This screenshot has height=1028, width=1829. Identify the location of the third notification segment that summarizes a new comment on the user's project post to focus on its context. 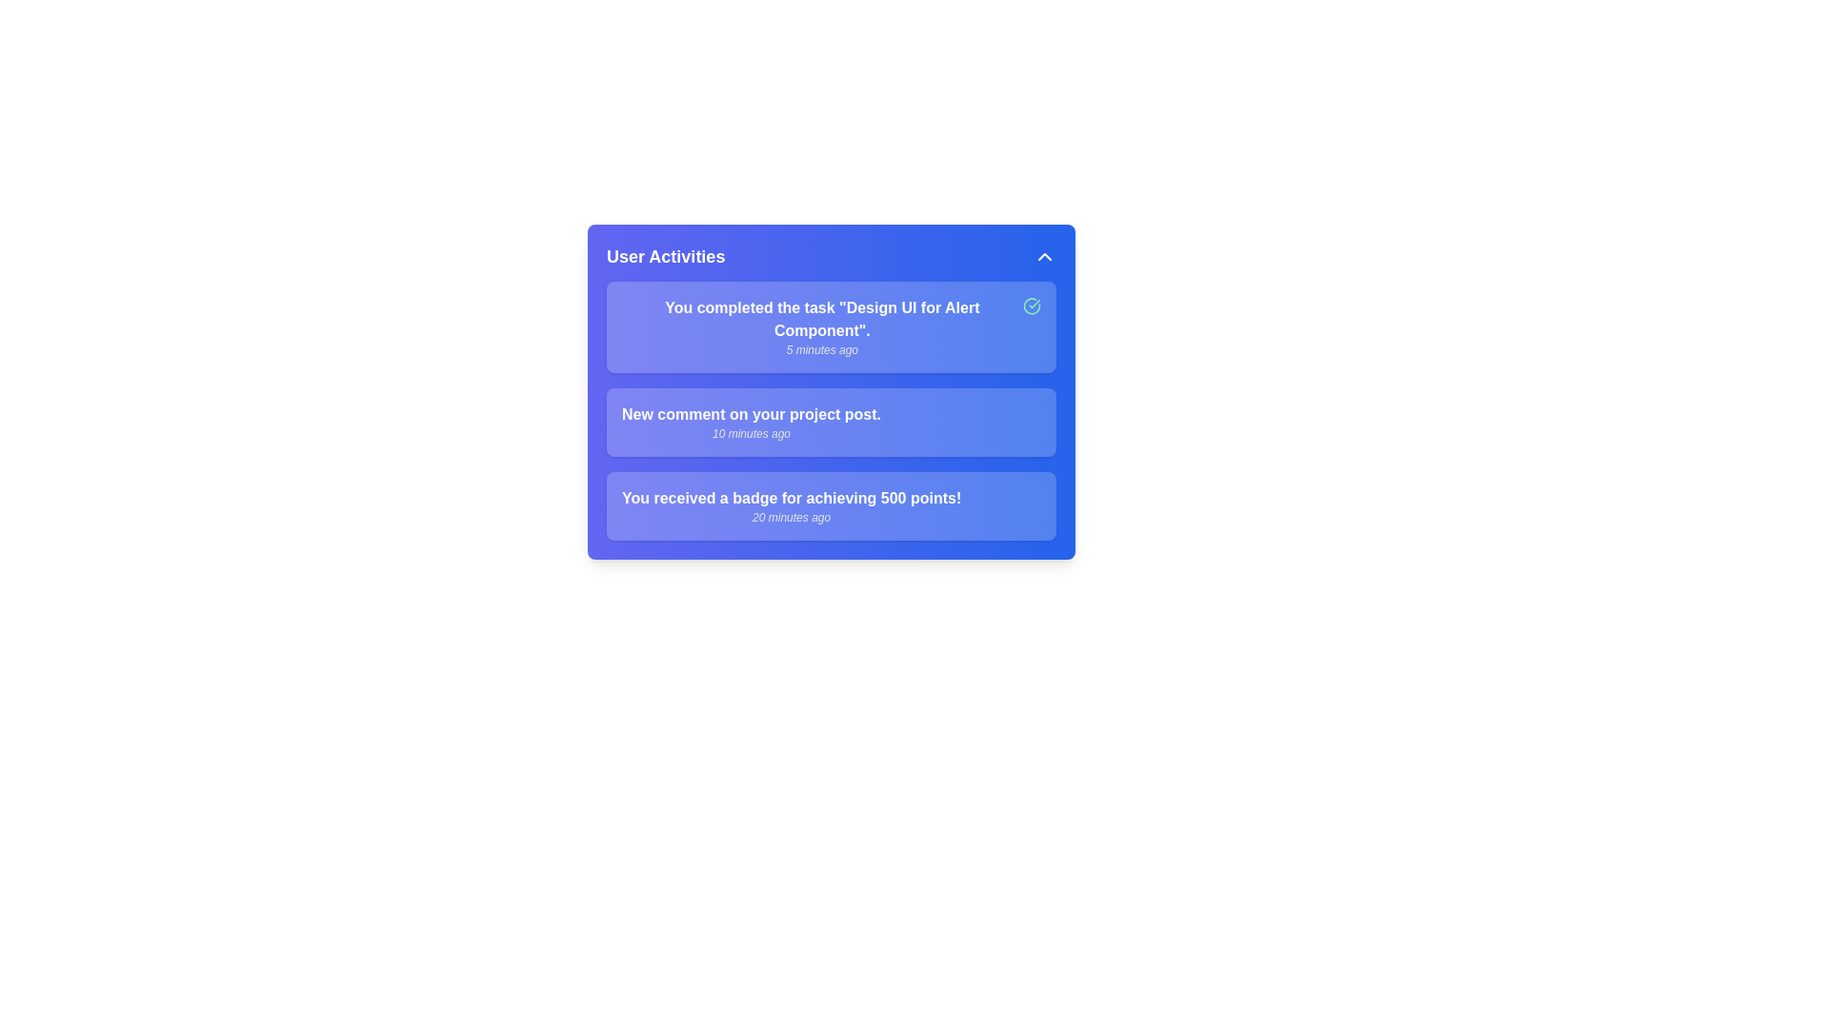
(832, 391).